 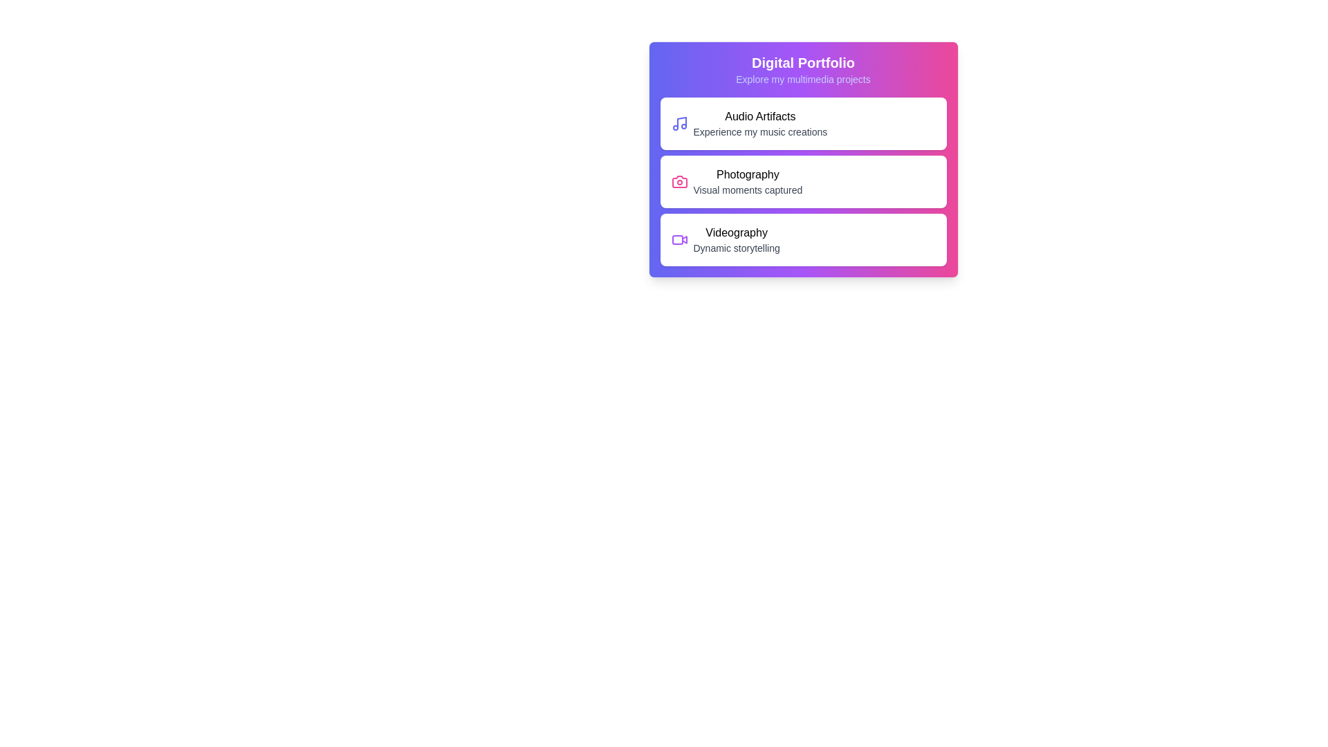 What do you see at coordinates (759, 122) in the screenshot?
I see `the Compound text element for 'Audio Artifacts', which serves as a title and descriptor in the 'Digital Portfolio' section` at bounding box center [759, 122].